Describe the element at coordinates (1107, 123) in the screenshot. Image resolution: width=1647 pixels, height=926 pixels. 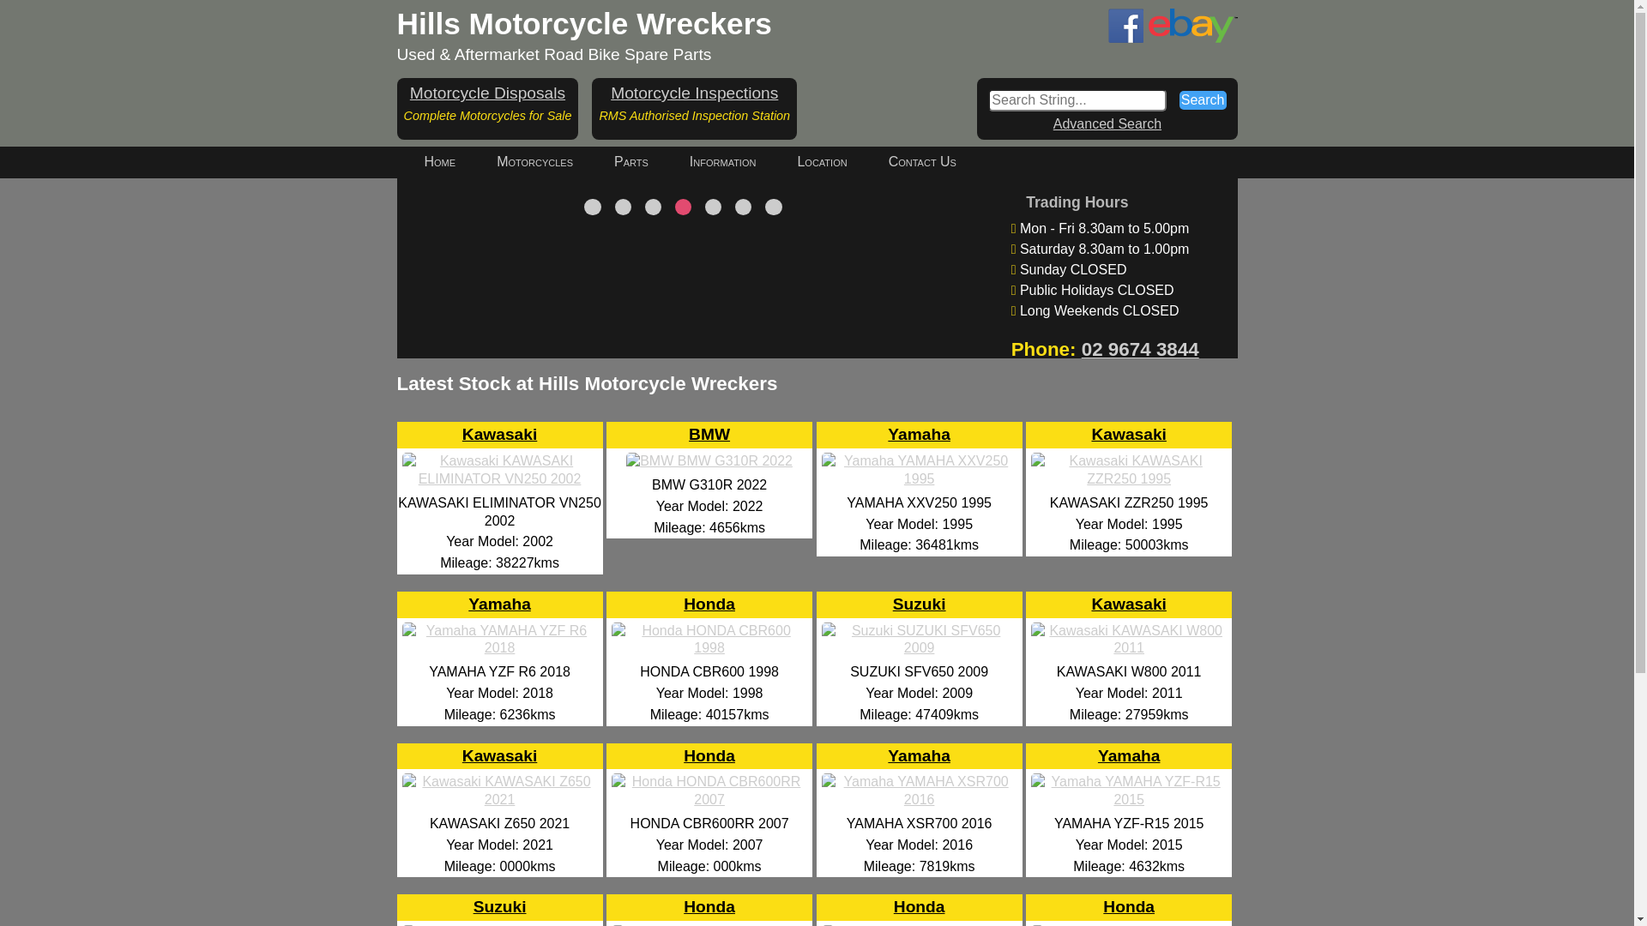
I see `'Advanced Search'` at that location.